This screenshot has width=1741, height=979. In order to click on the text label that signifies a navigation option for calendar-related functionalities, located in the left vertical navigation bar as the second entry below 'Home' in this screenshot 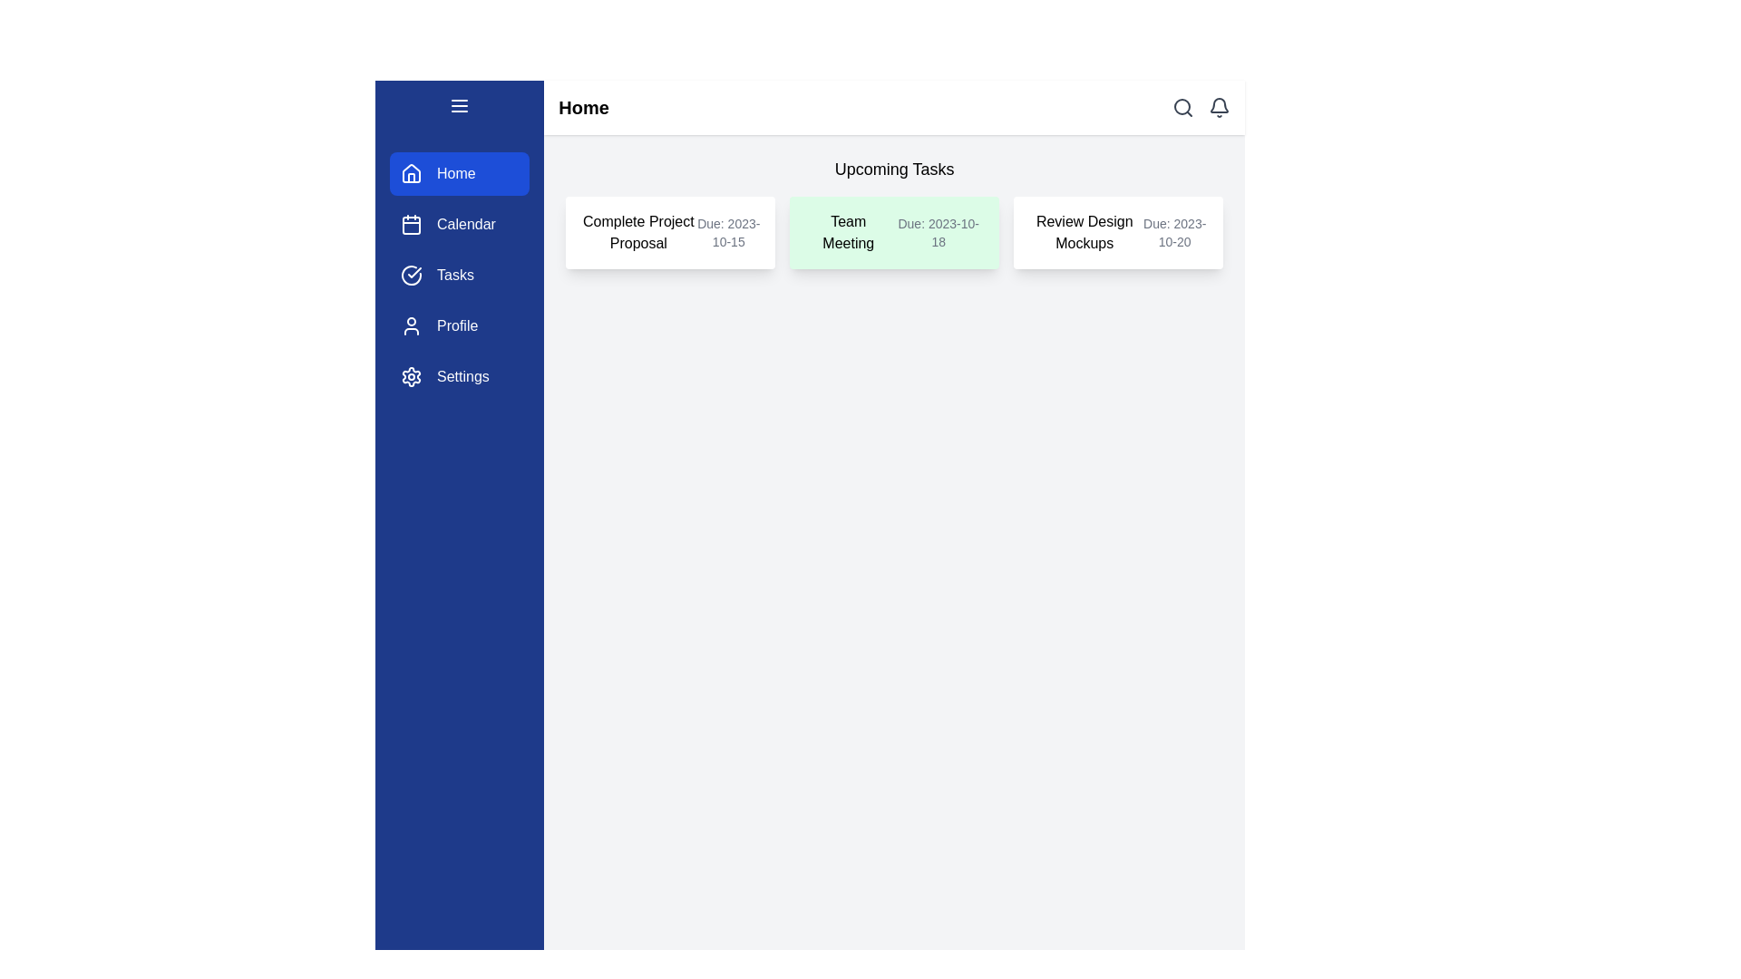, I will do `click(466, 223)`.